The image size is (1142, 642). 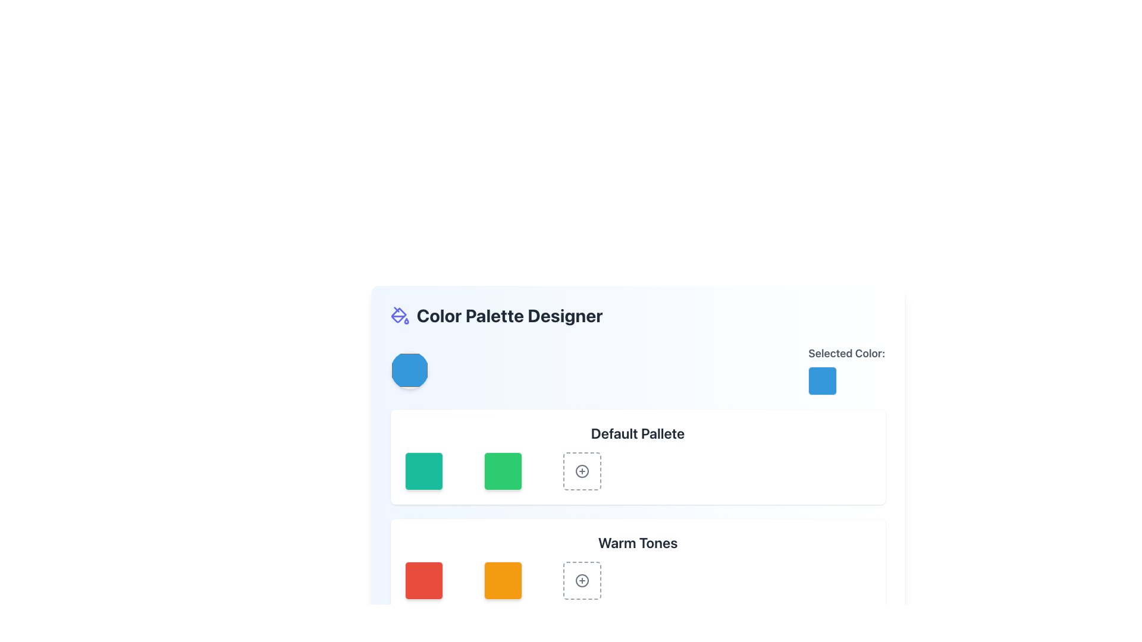 What do you see at coordinates (400, 315) in the screenshot?
I see `the indigo paint bucket icon located to the left of the 'Color Palette Designer' title in the header section` at bounding box center [400, 315].